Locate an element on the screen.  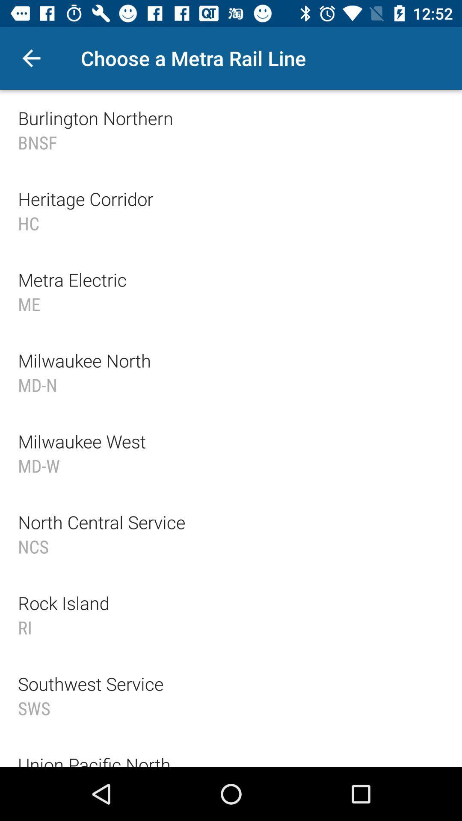
item at the top left corner is located at coordinates (31, 58).